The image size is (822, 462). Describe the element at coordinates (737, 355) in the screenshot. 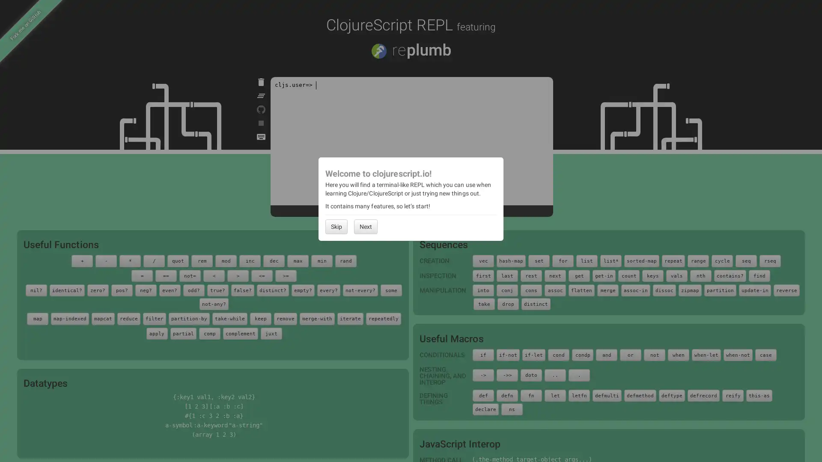

I see `when-not` at that location.